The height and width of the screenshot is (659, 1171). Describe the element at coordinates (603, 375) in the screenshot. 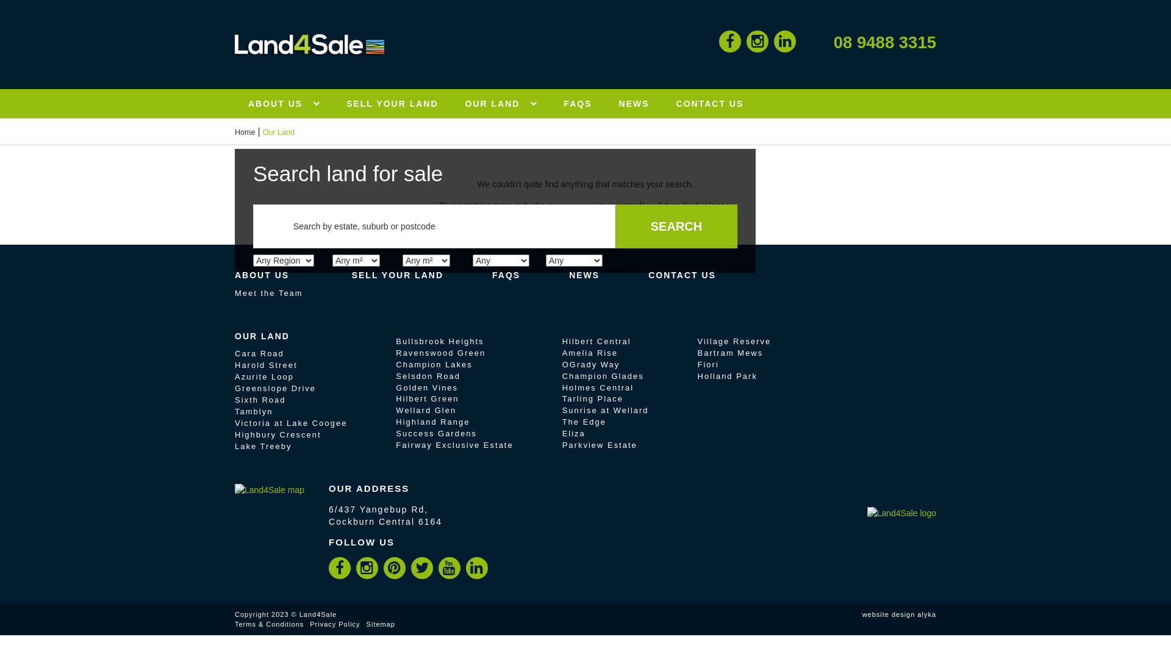

I see `'Champion Glades'` at that location.